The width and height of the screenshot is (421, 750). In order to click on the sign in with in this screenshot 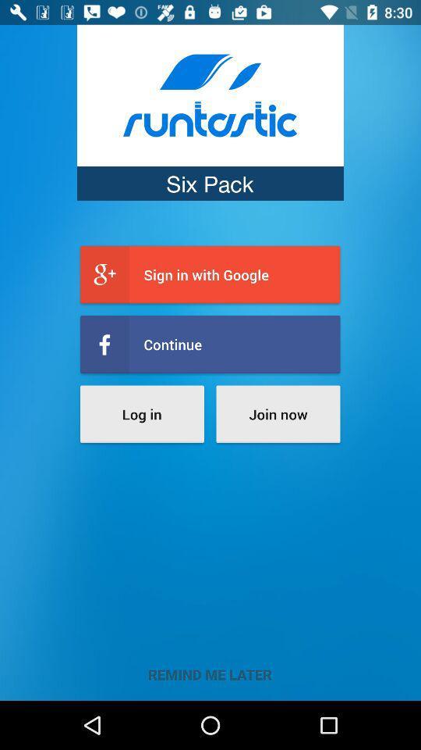, I will do `click(210, 274)`.